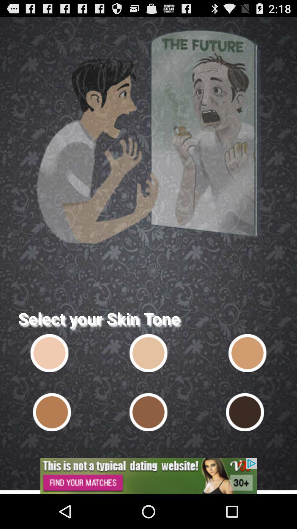  What do you see at coordinates (148, 476) in the screenshot?
I see `see advertisement` at bounding box center [148, 476].